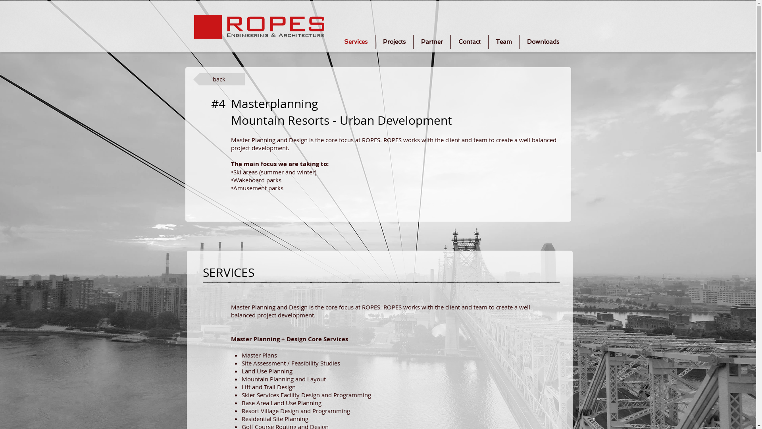 Image resolution: width=762 pixels, height=429 pixels. I want to click on 'Team', so click(503, 42).